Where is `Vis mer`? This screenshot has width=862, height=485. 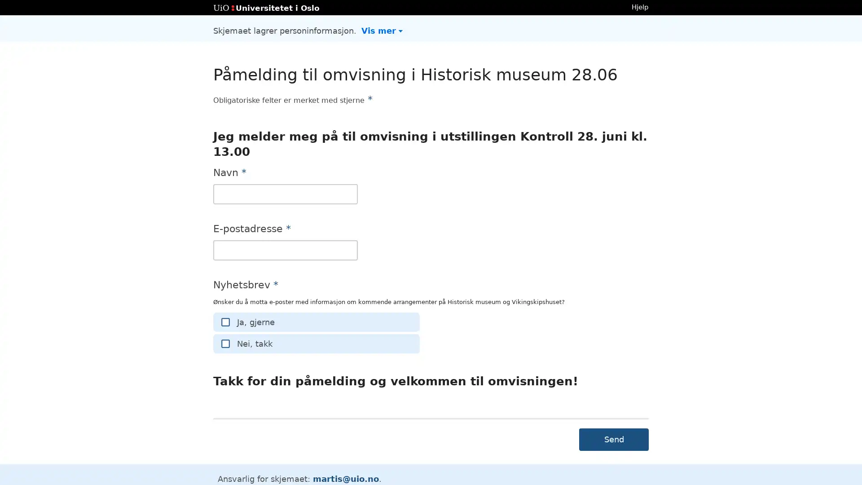
Vis mer is located at coordinates (381, 31).